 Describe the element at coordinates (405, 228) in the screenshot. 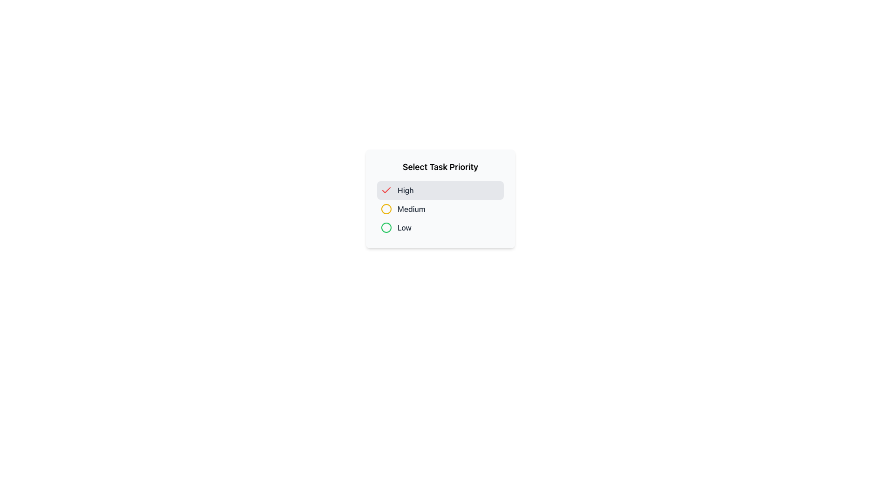

I see `the static text label displaying 'Low' in dark gray, part of the priority selection UI in the 'Select Task Priority' dialog box` at that location.